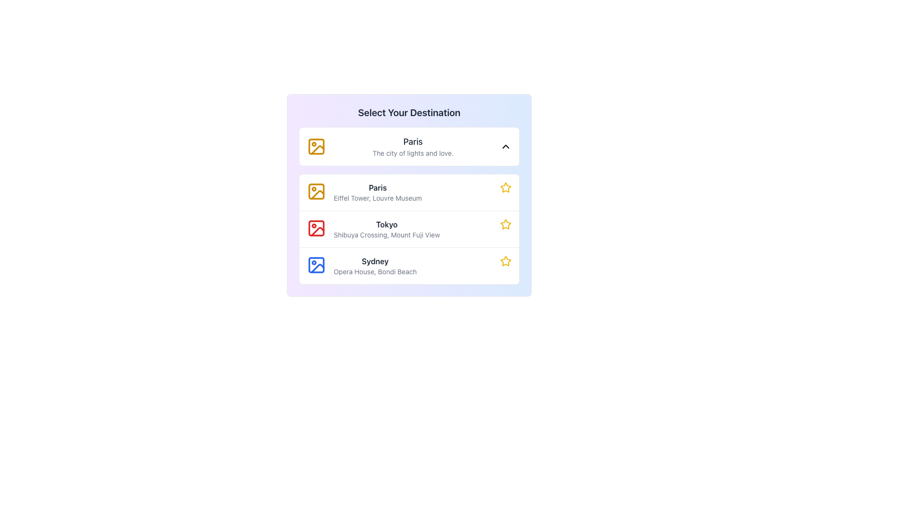 Image resolution: width=918 pixels, height=516 pixels. I want to click on text label containing 'Eiffel Tower, Louvre Museum' which is styled in light gray font and positioned directly below the title 'Paris', so click(377, 198).